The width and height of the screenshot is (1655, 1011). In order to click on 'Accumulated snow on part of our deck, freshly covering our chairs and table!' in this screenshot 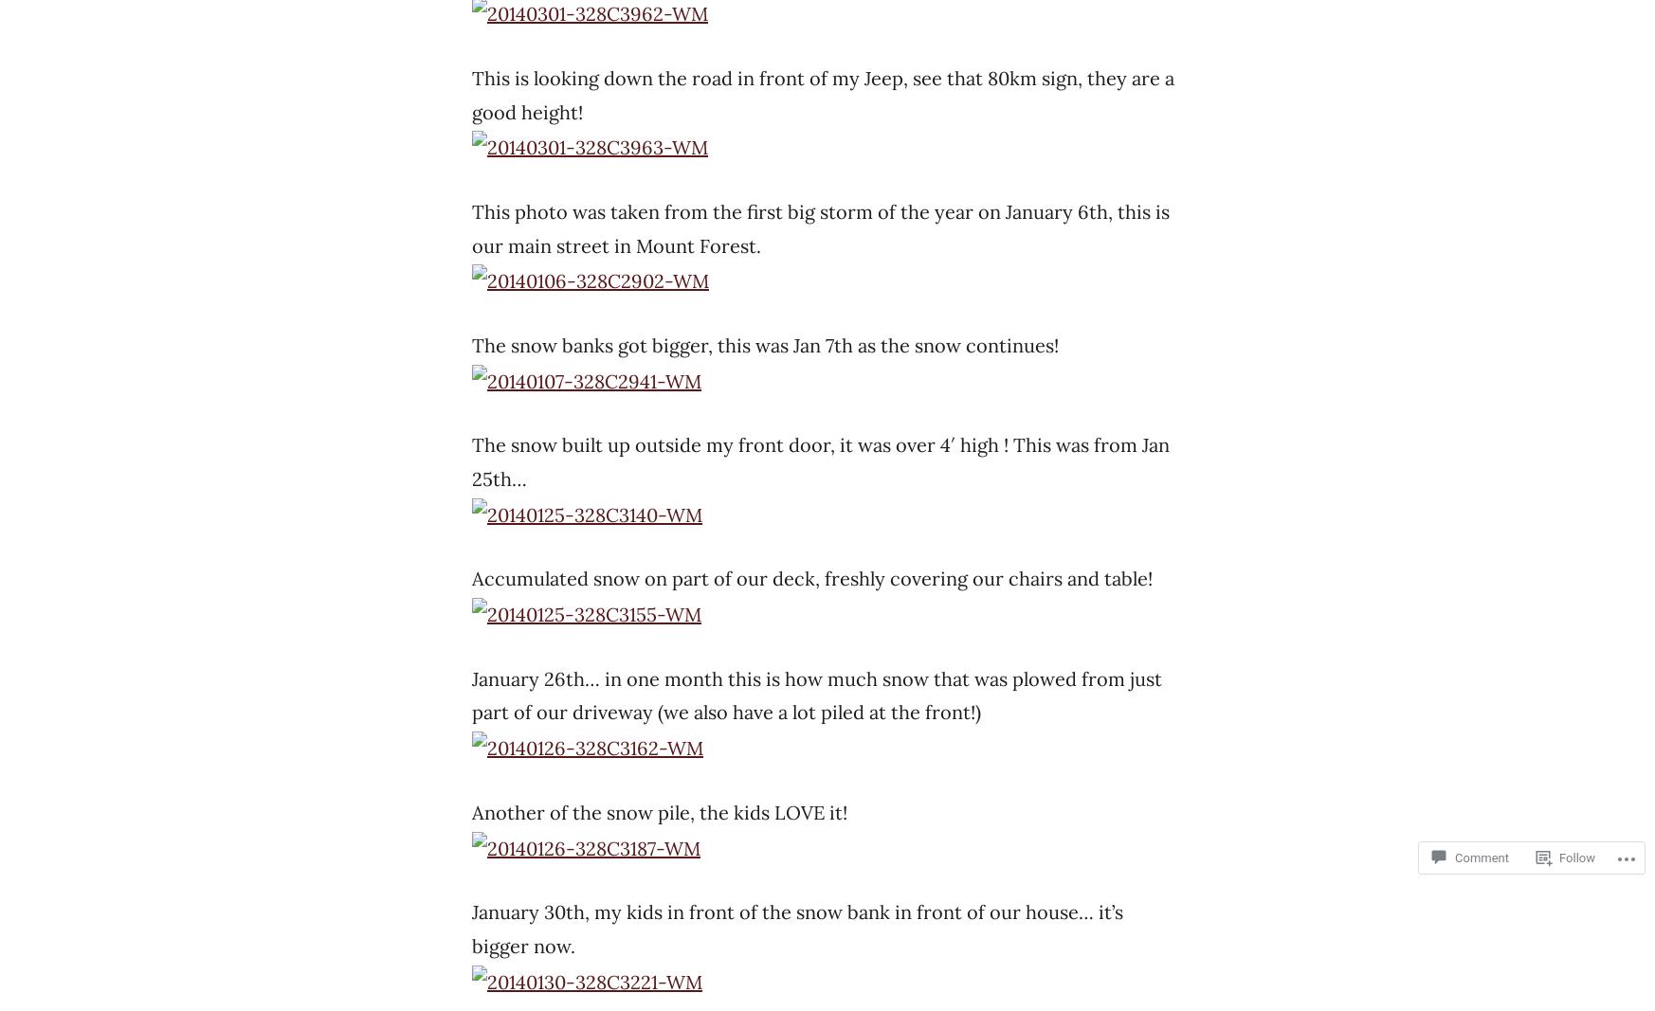, I will do `click(811, 578)`.